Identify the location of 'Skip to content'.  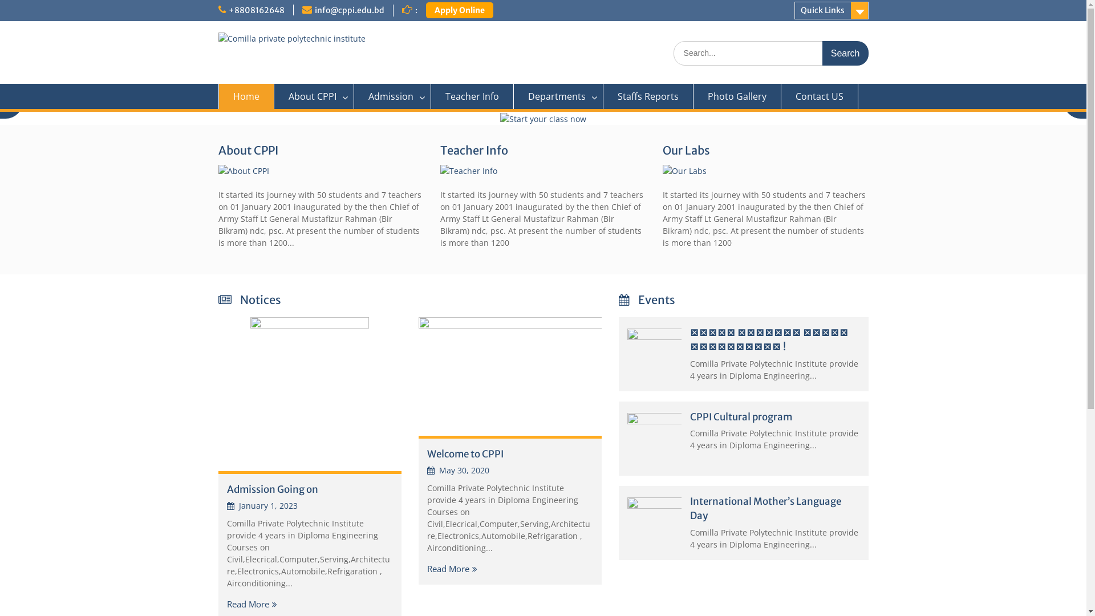
(0, 0).